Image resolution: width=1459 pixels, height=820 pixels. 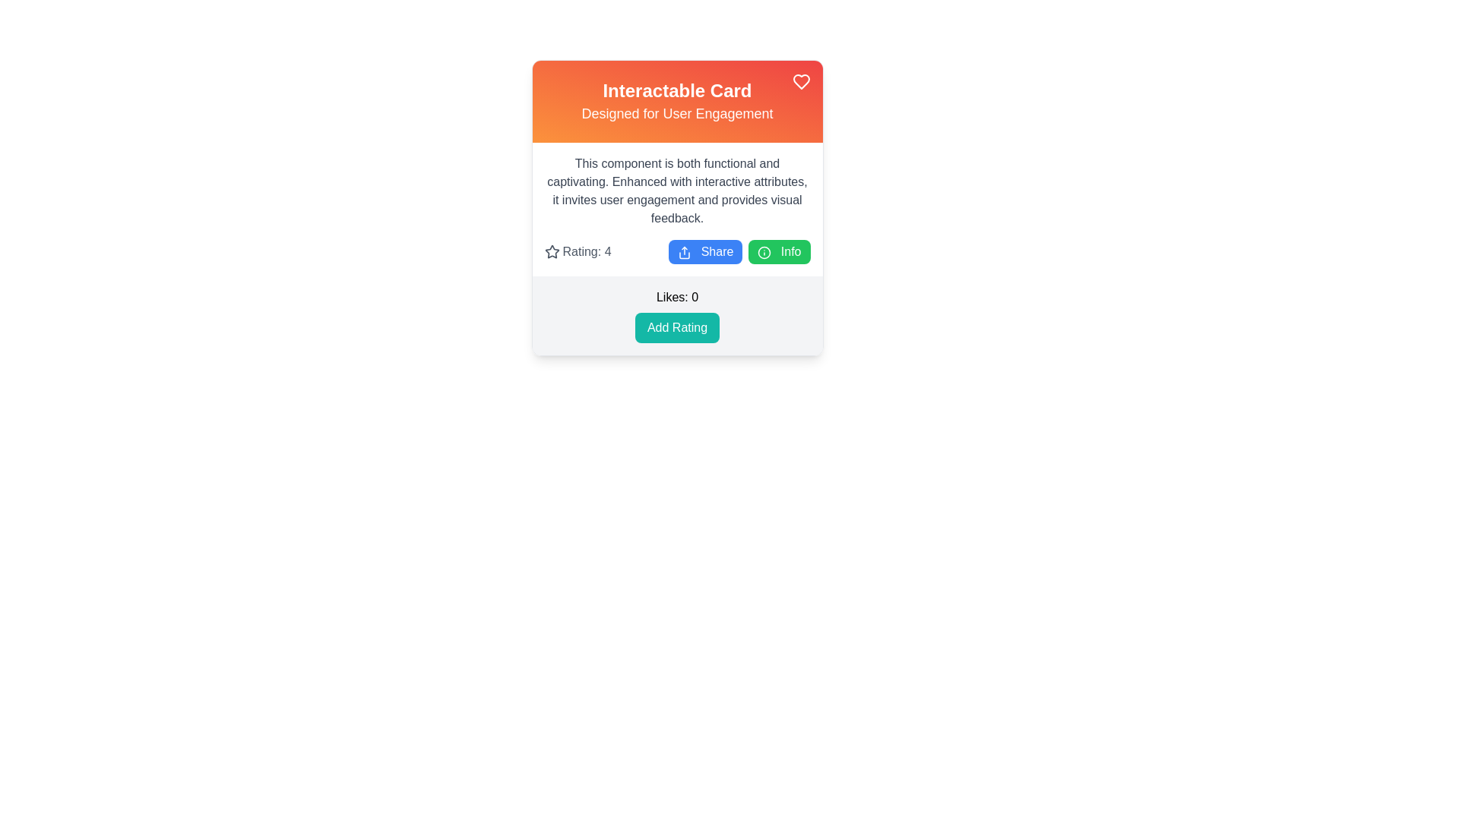 I want to click on the 'Info' button icon located at the bottom right section of the card interface, so click(x=764, y=251).